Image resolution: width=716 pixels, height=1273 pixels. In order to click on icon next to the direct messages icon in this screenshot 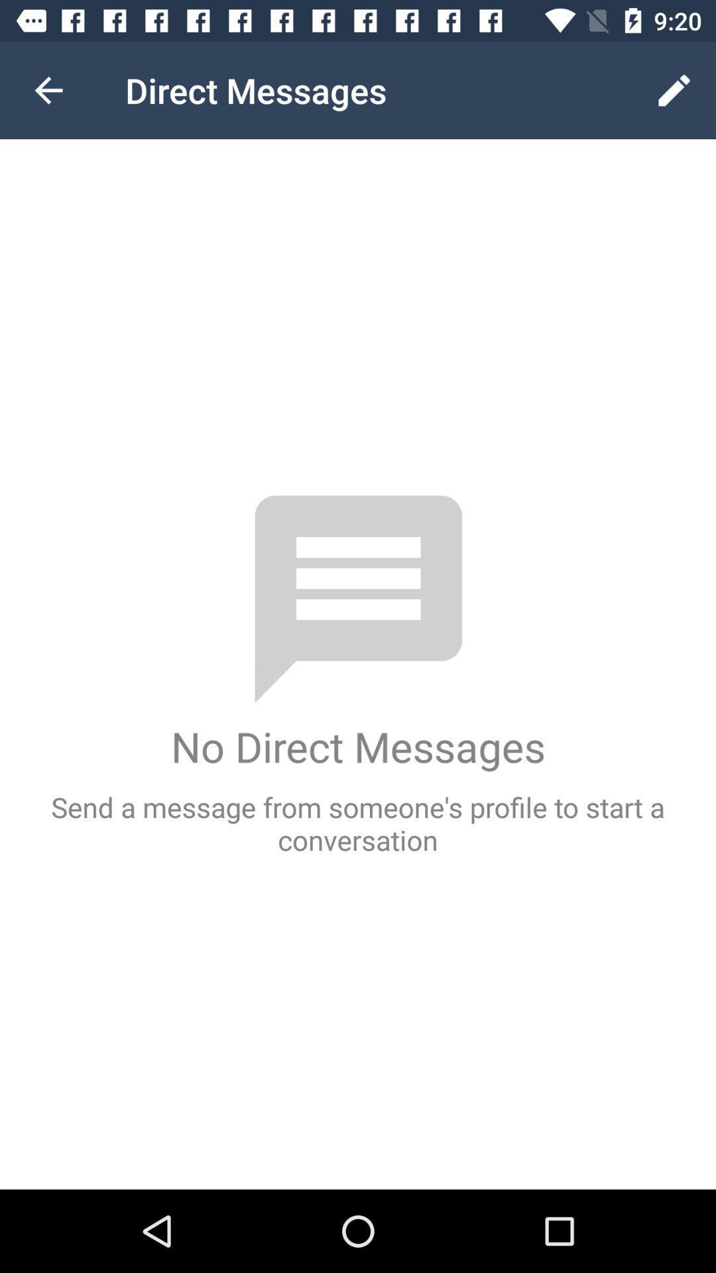, I will do `click(674, 90)`.